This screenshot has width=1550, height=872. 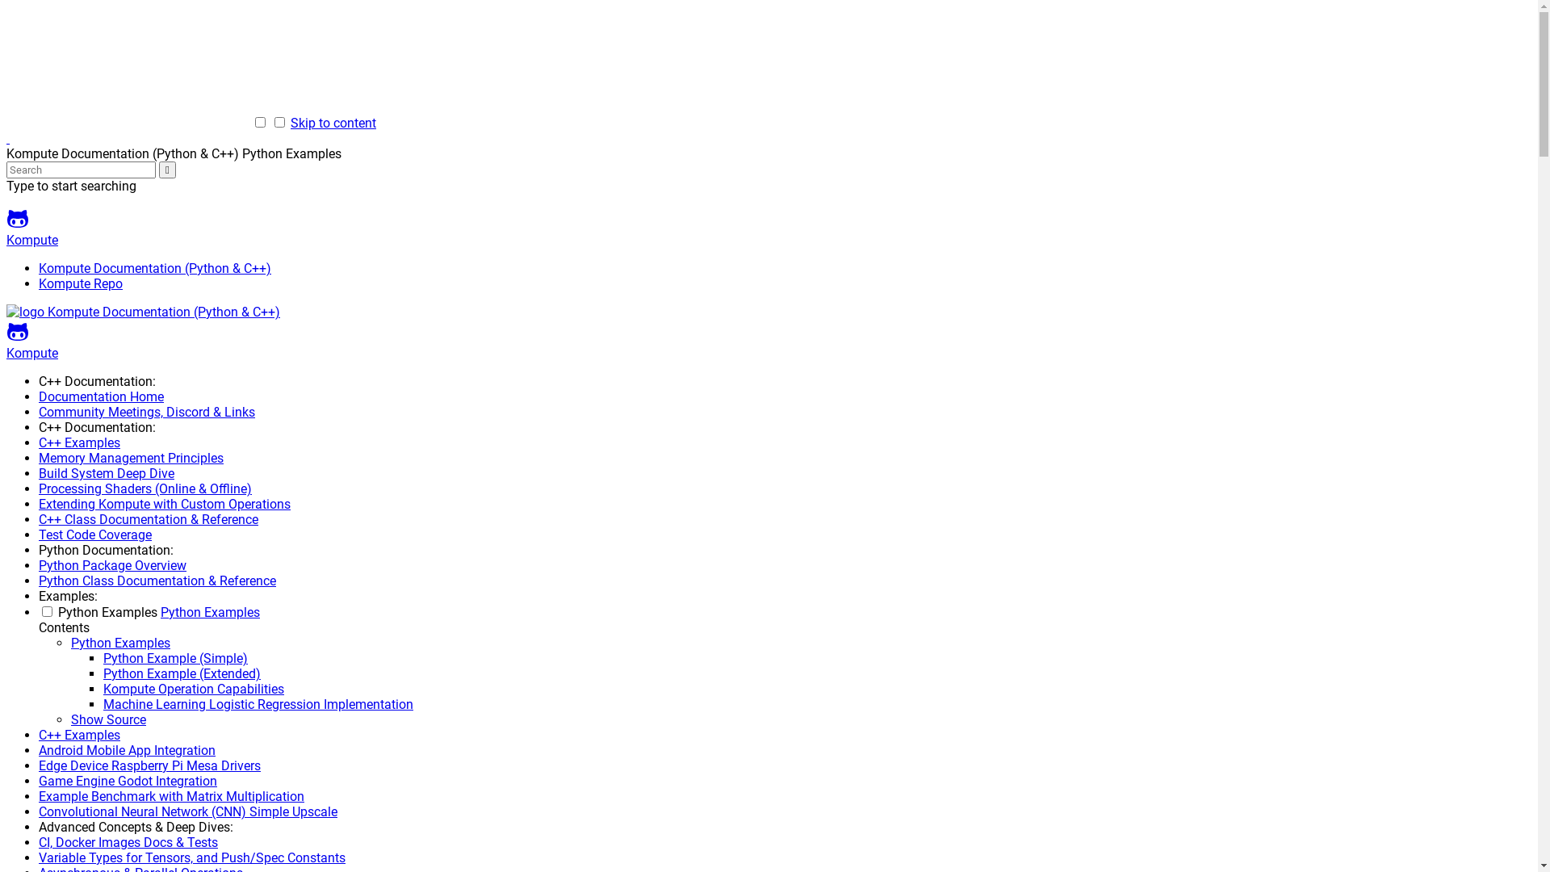 I want to click on 'Show Source', so click(x=107, y=719).